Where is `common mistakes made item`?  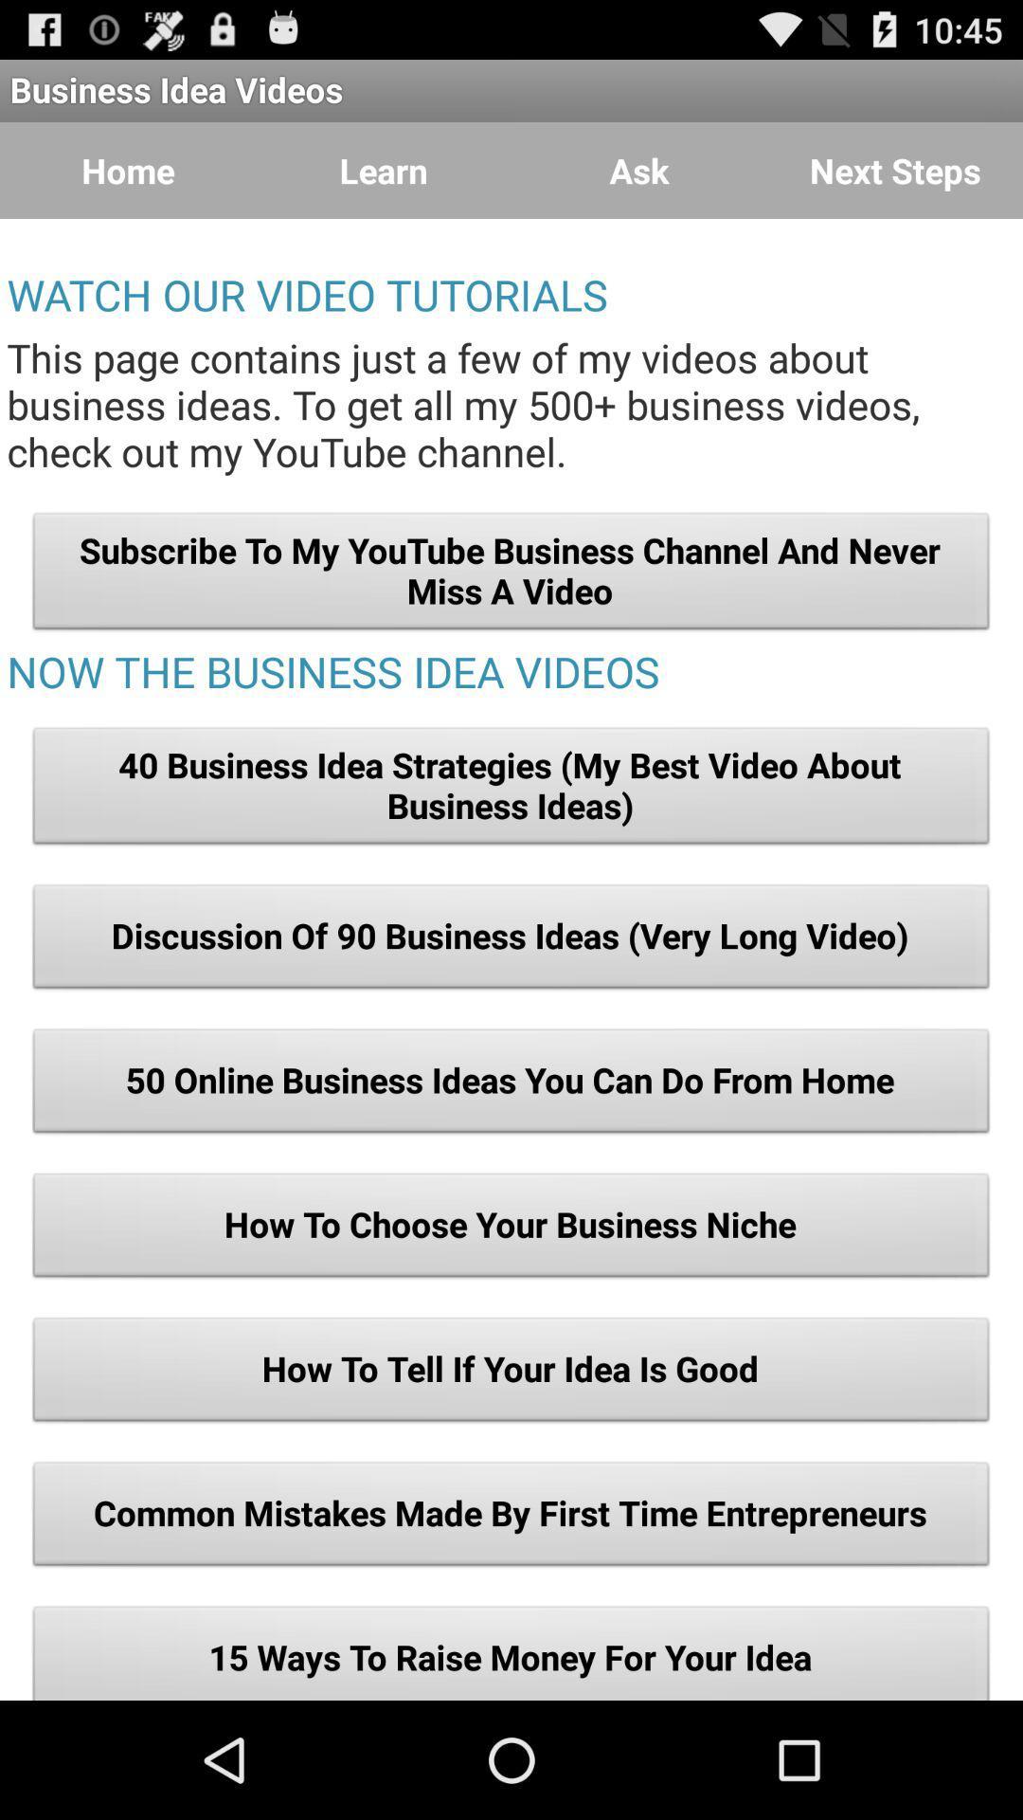
common mistakes made item is located at coordinates (511, 1519).